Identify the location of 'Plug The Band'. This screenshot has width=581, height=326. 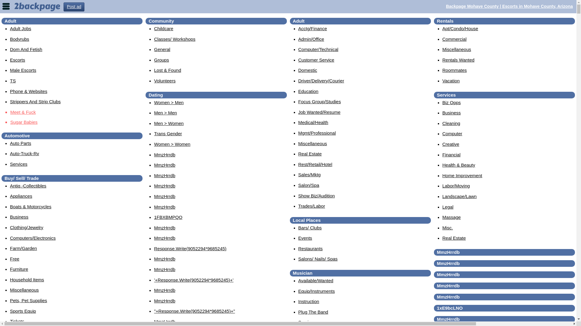
(313, 312).